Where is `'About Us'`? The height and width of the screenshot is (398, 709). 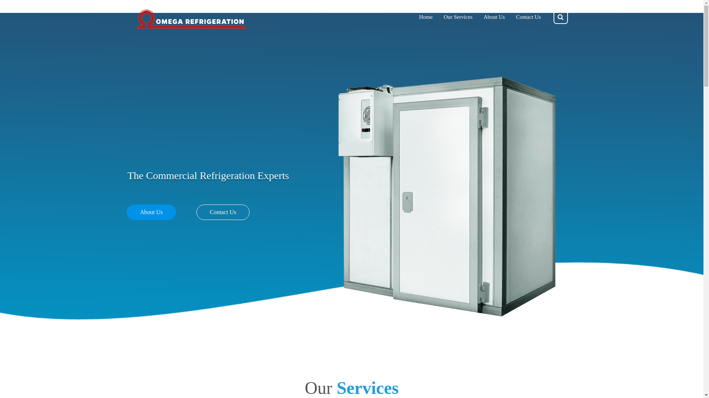 'About Us' is located at coordinates (494, 17).